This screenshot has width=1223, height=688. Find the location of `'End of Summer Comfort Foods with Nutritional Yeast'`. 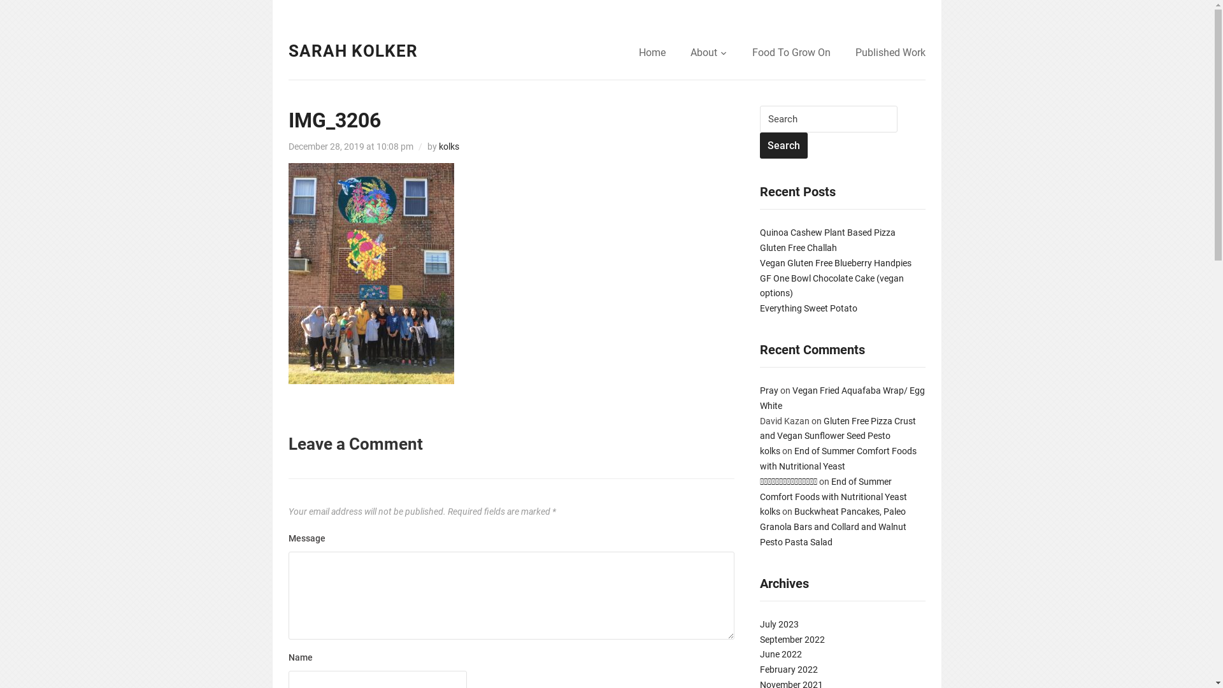

'End of Summer Comfort Foods with Nutritional Yeast' is located at coordinates (838, 459).